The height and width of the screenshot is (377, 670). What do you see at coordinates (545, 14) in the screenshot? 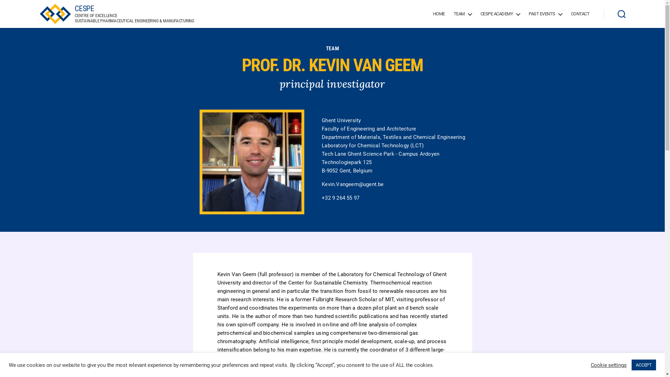
I see `'PAST EVENTS'` at bounding box center [545, 14].